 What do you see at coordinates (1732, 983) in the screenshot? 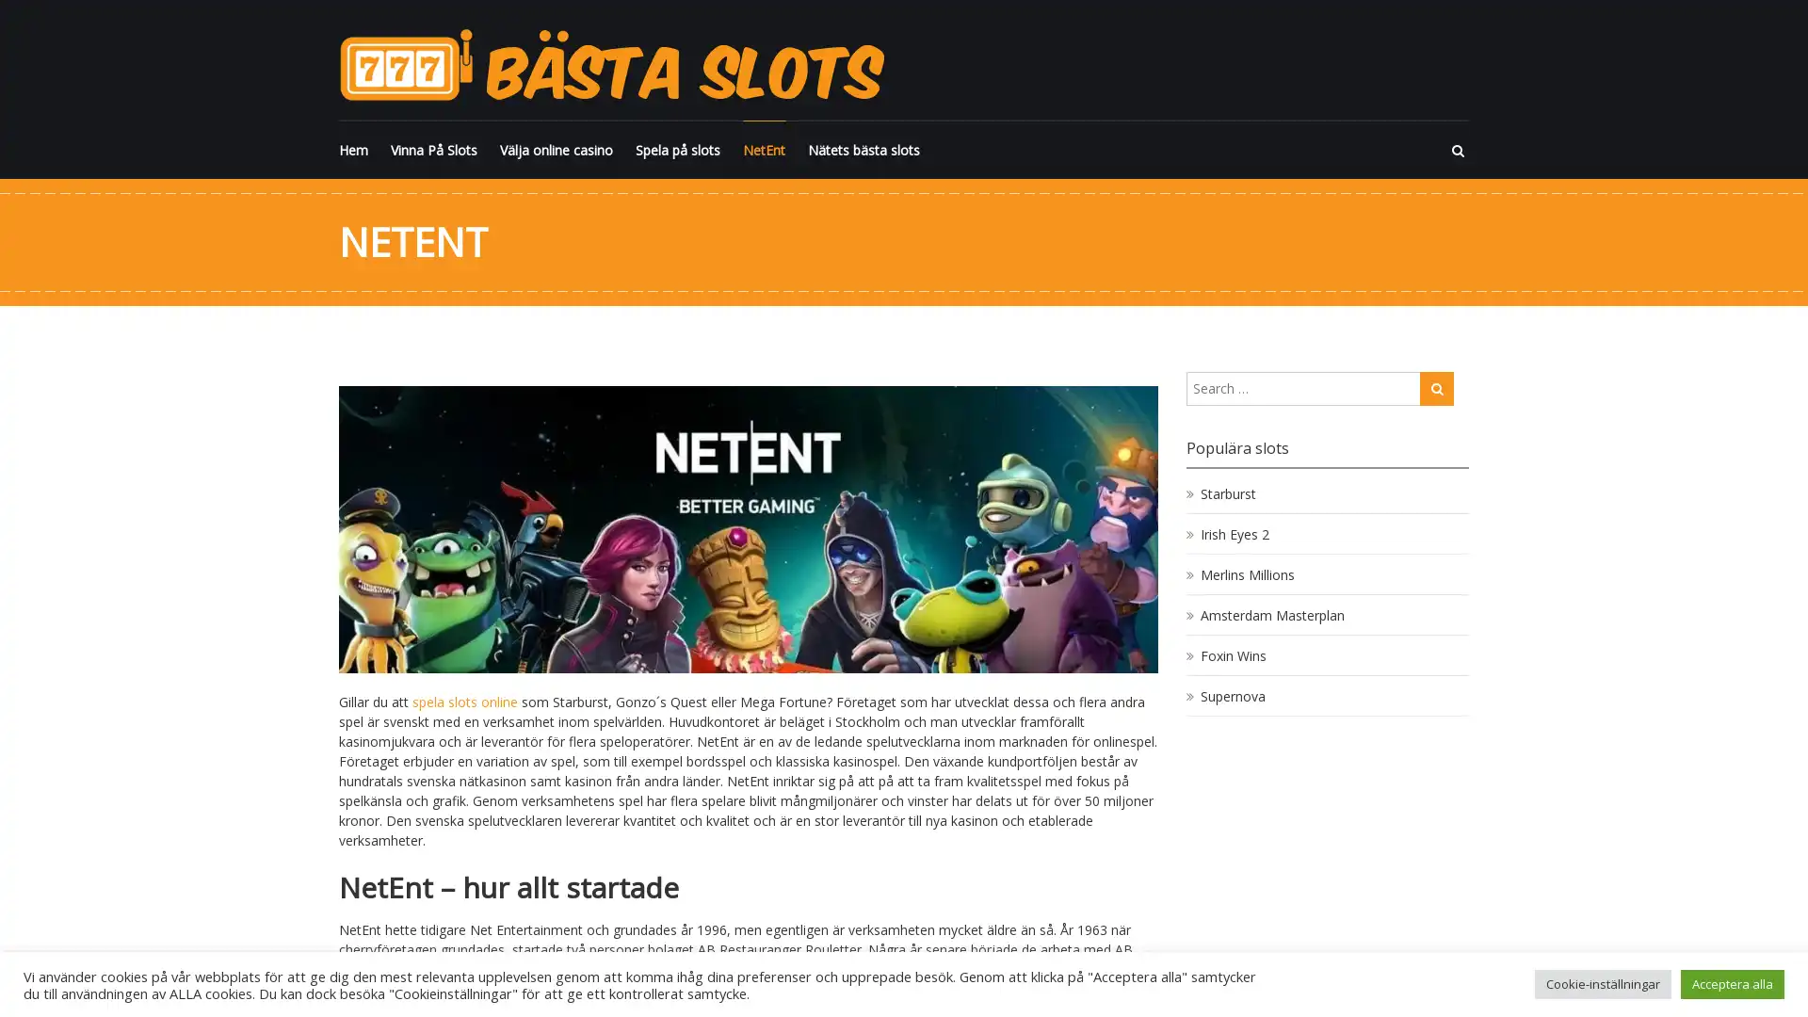
I see `Acceptera alla` at bounding box center [1732, 983].